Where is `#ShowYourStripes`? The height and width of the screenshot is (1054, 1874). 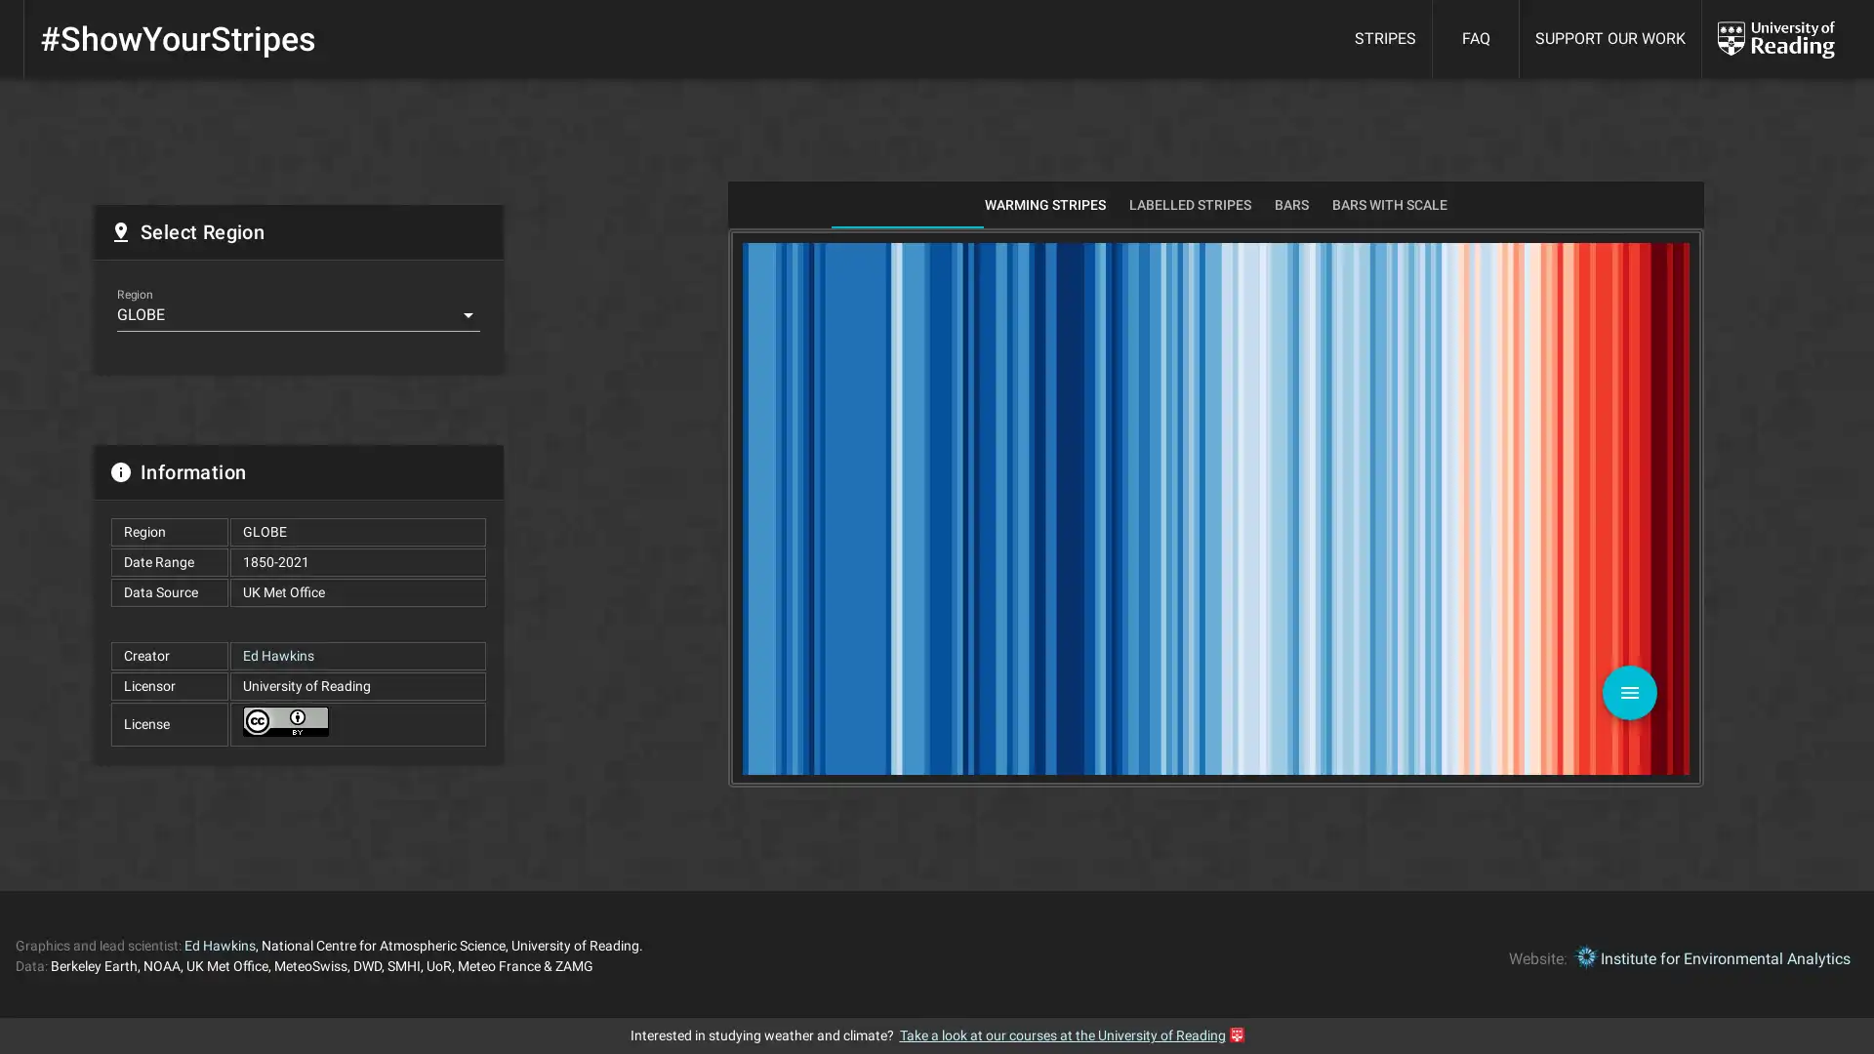
#ShowYourStripes is located at coordinates (178, 38).